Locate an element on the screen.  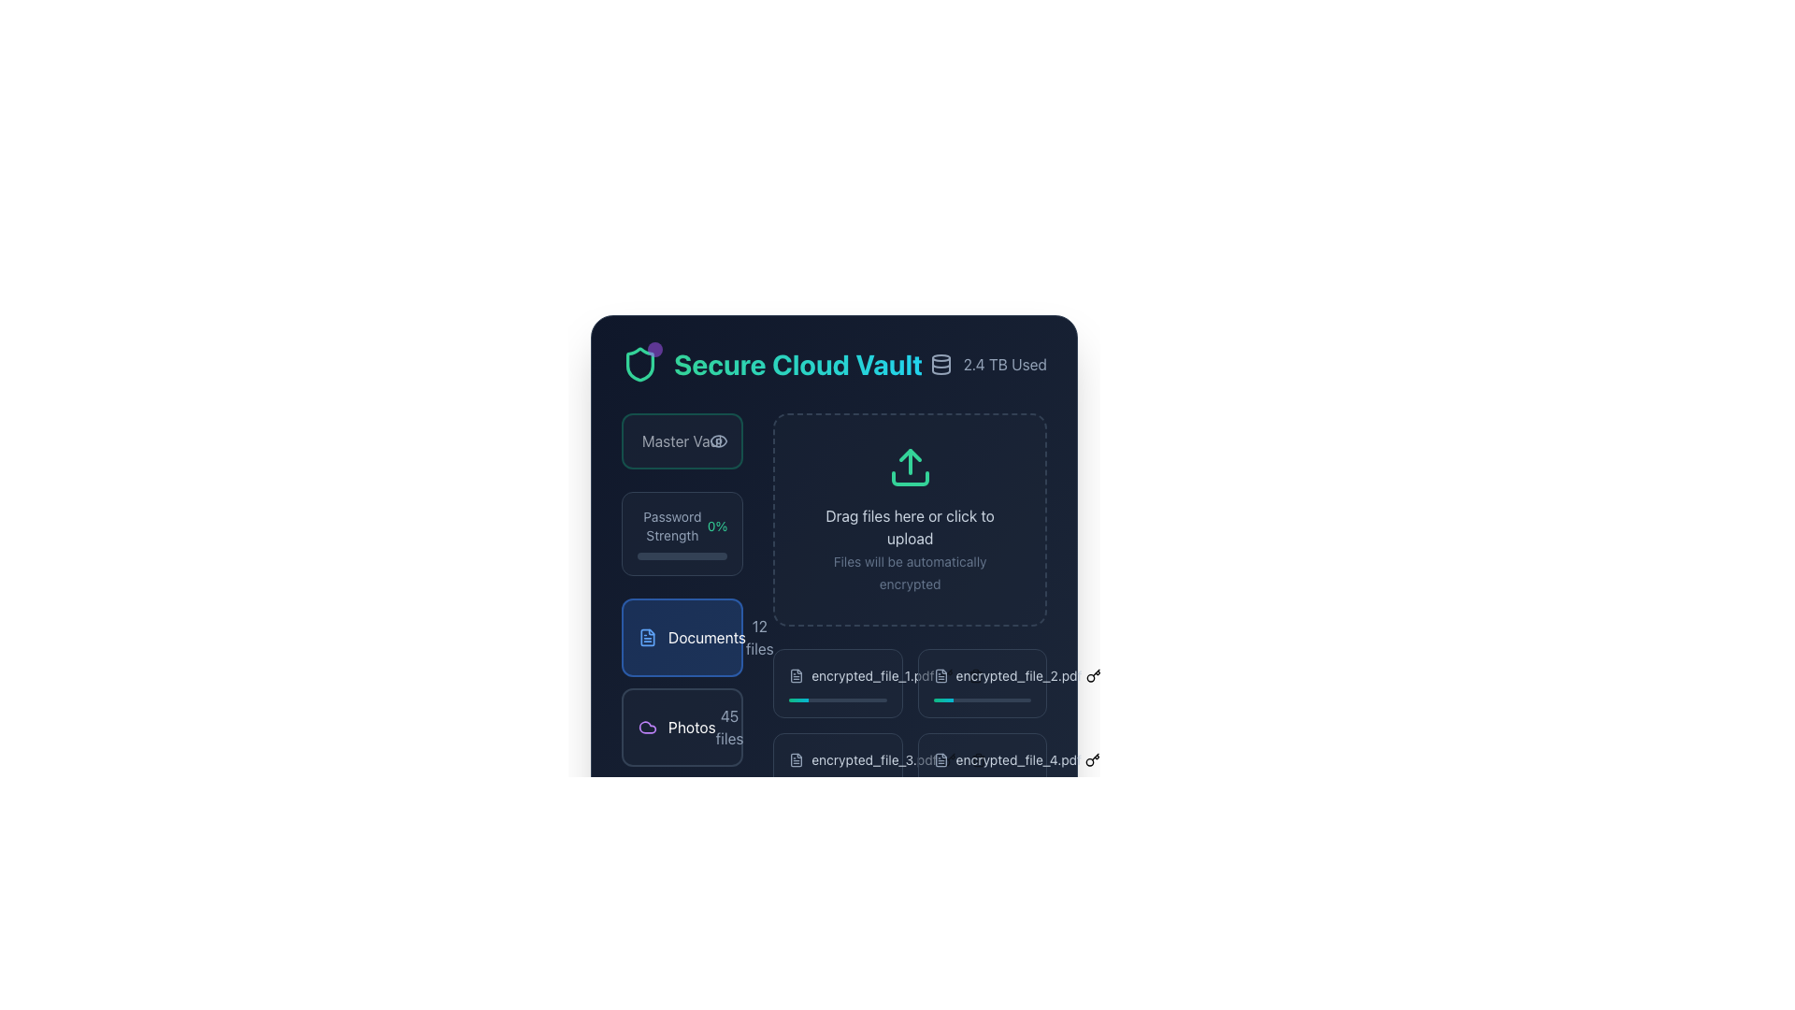
the icon button resembling a key, positioned between 'encrypted_file_3.pdf' and 'encrypted_file_4.pdf' in the bottom-right area of the interface, as it supports dragging is located at coordinates (948, 760).